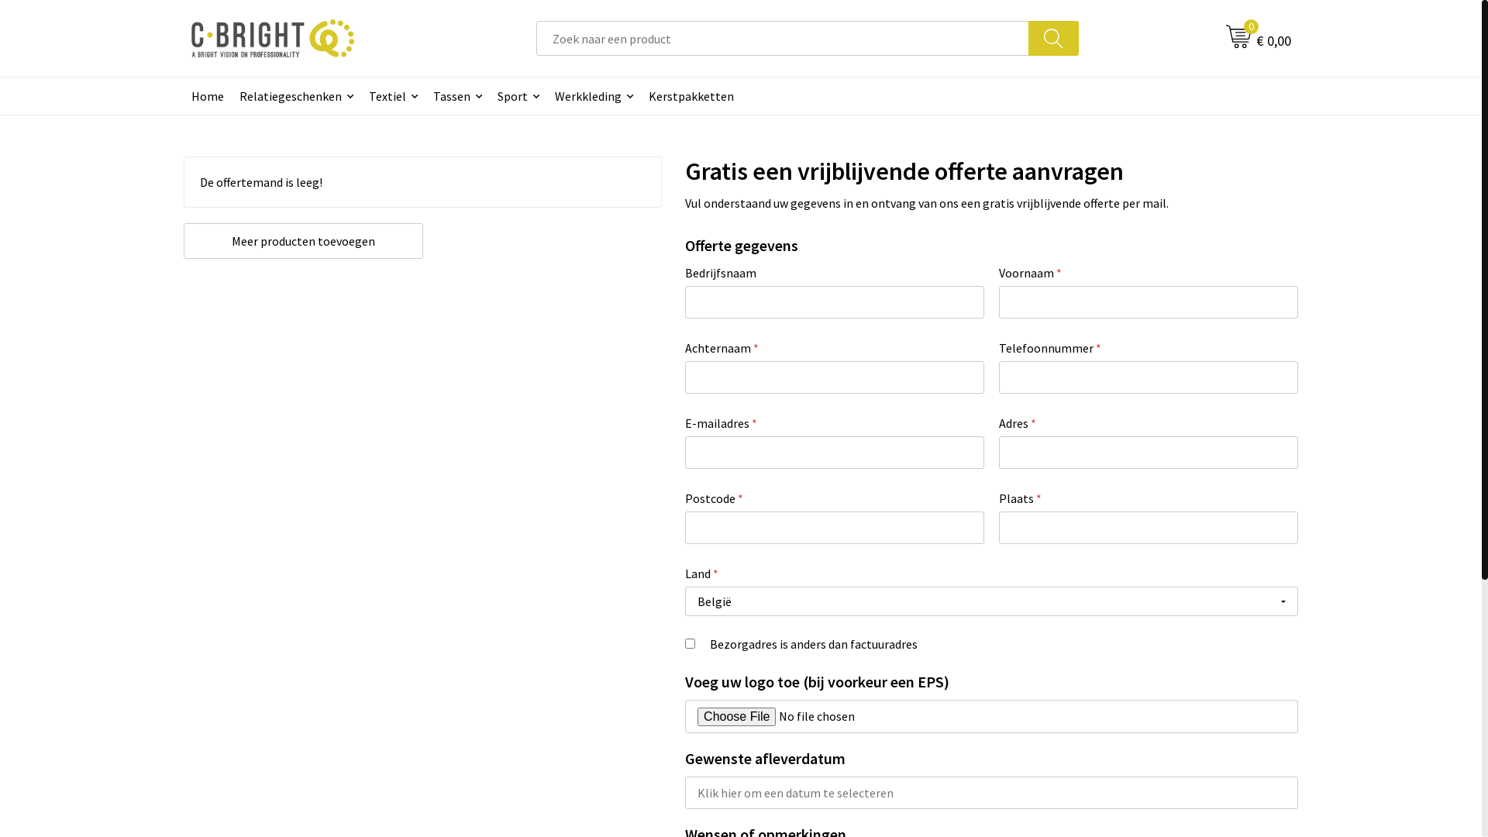 The width and height of the screenshot is (1488, 837). Describe the element at coordinates (206, 95) in the screenshot. I see `'Home'` at that location.